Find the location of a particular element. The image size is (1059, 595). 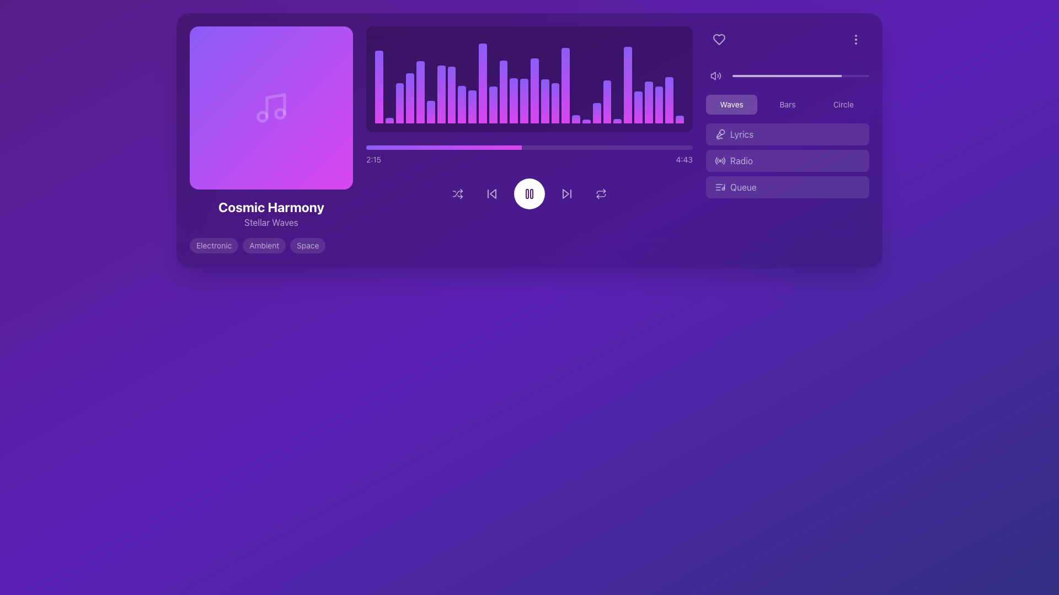

the eleventh graphical equalizer bar, which is a rectangular bar with a gradient from fuchsia to violet, located near the center-right of the sequence is located at coordinates (493, 105).